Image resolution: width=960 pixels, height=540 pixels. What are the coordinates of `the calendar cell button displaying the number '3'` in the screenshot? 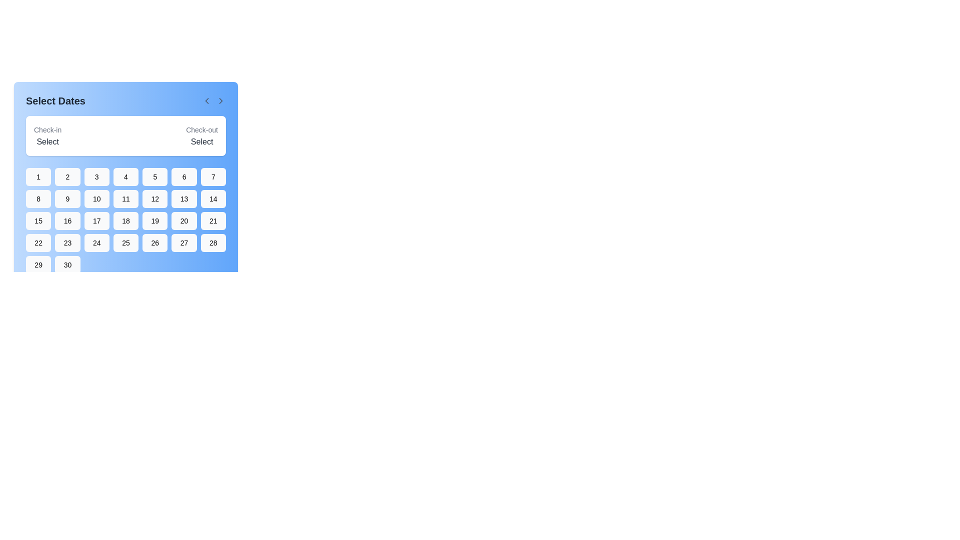 It's located at (96, 176).